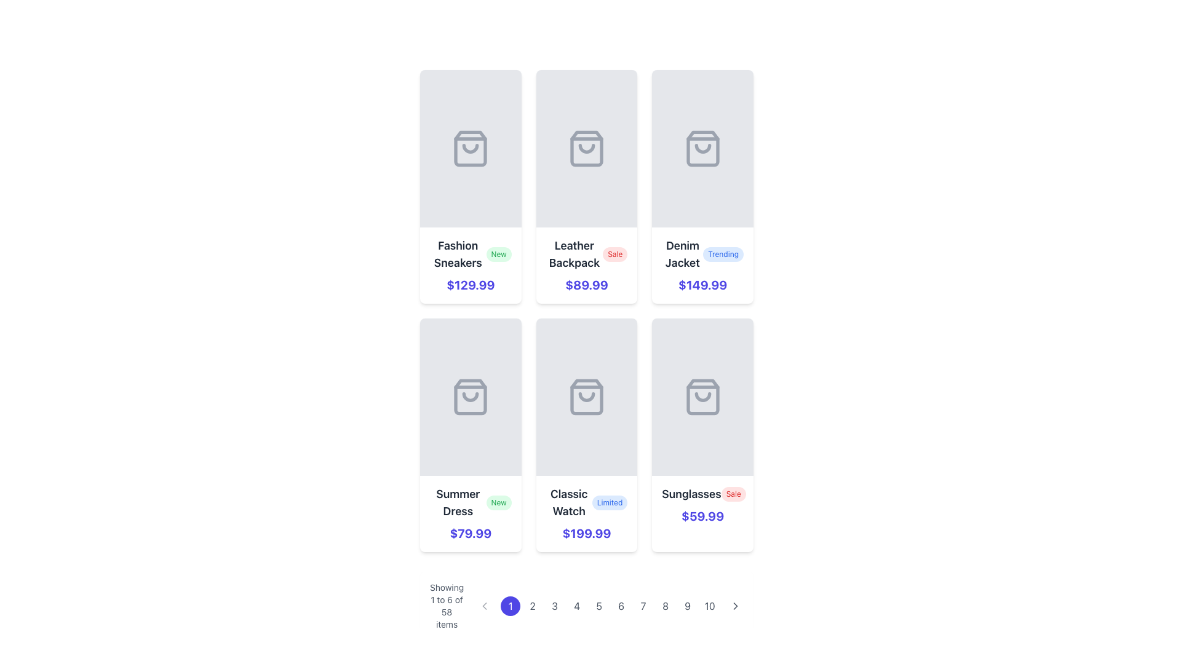  What do you see at coordinates (484, 606) in the screenshot?
I see `the circular button with a left-pointing chevron icon` at bounding box center [484, 606].